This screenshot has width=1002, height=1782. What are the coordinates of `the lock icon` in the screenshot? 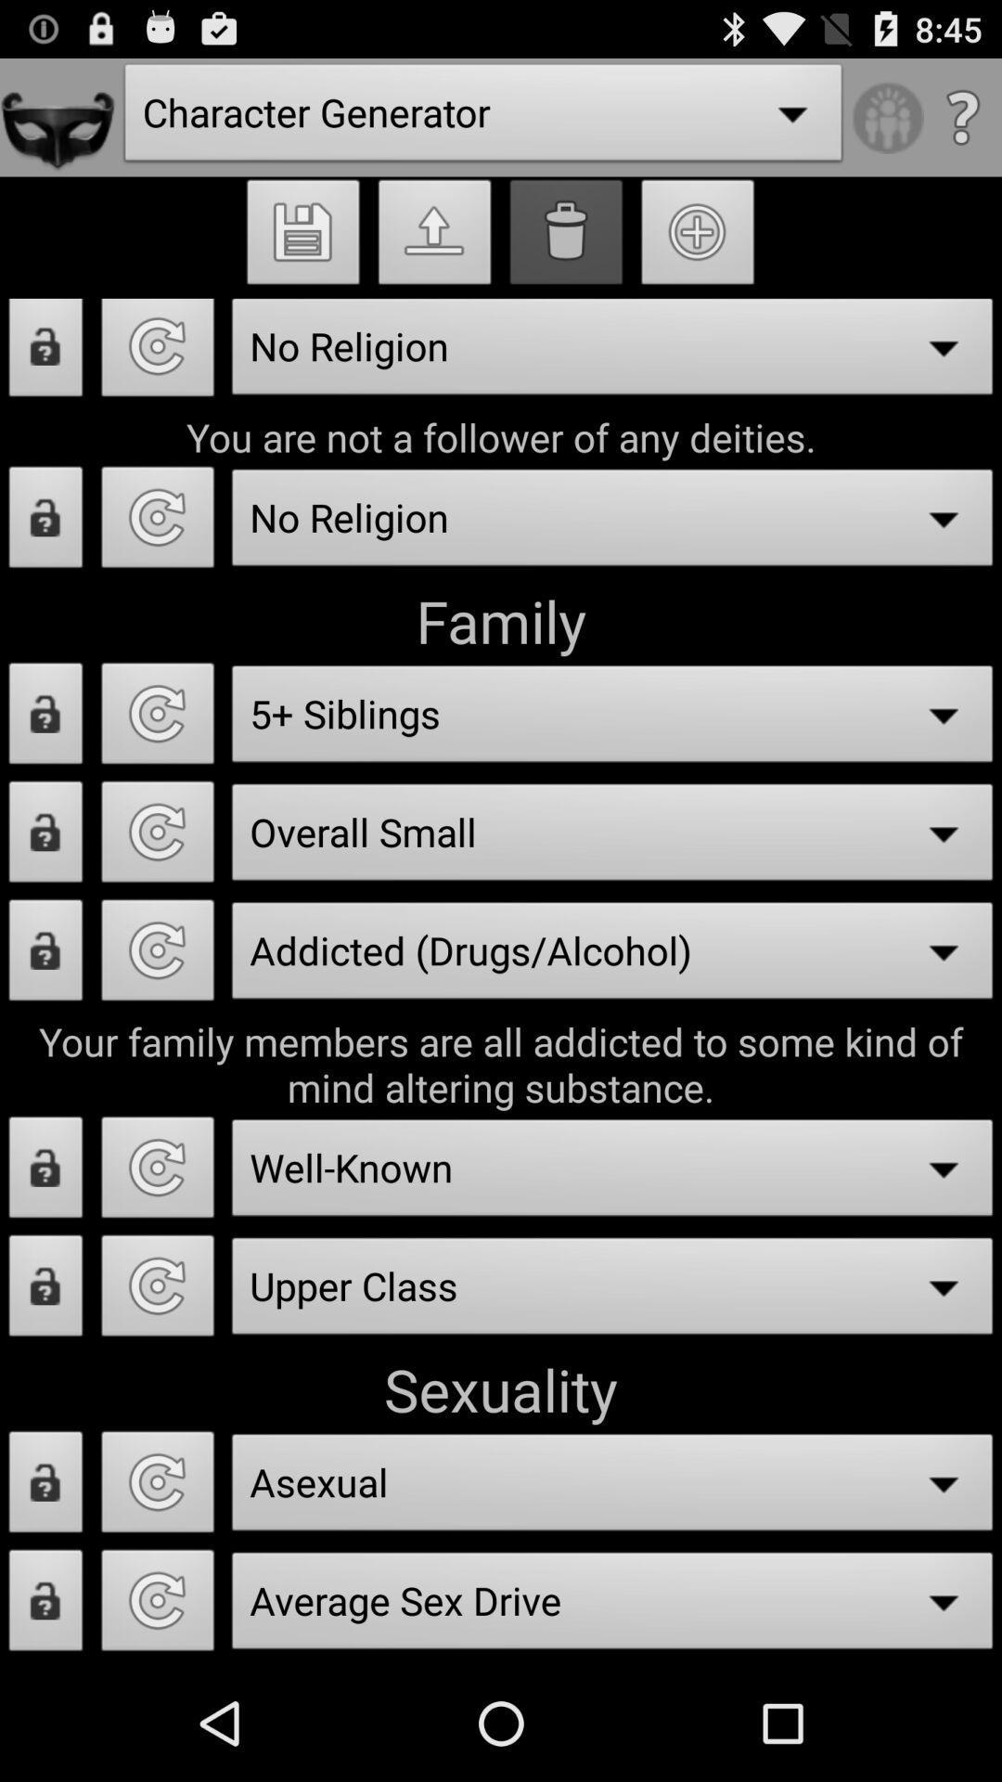 It's located at (45, 1255).